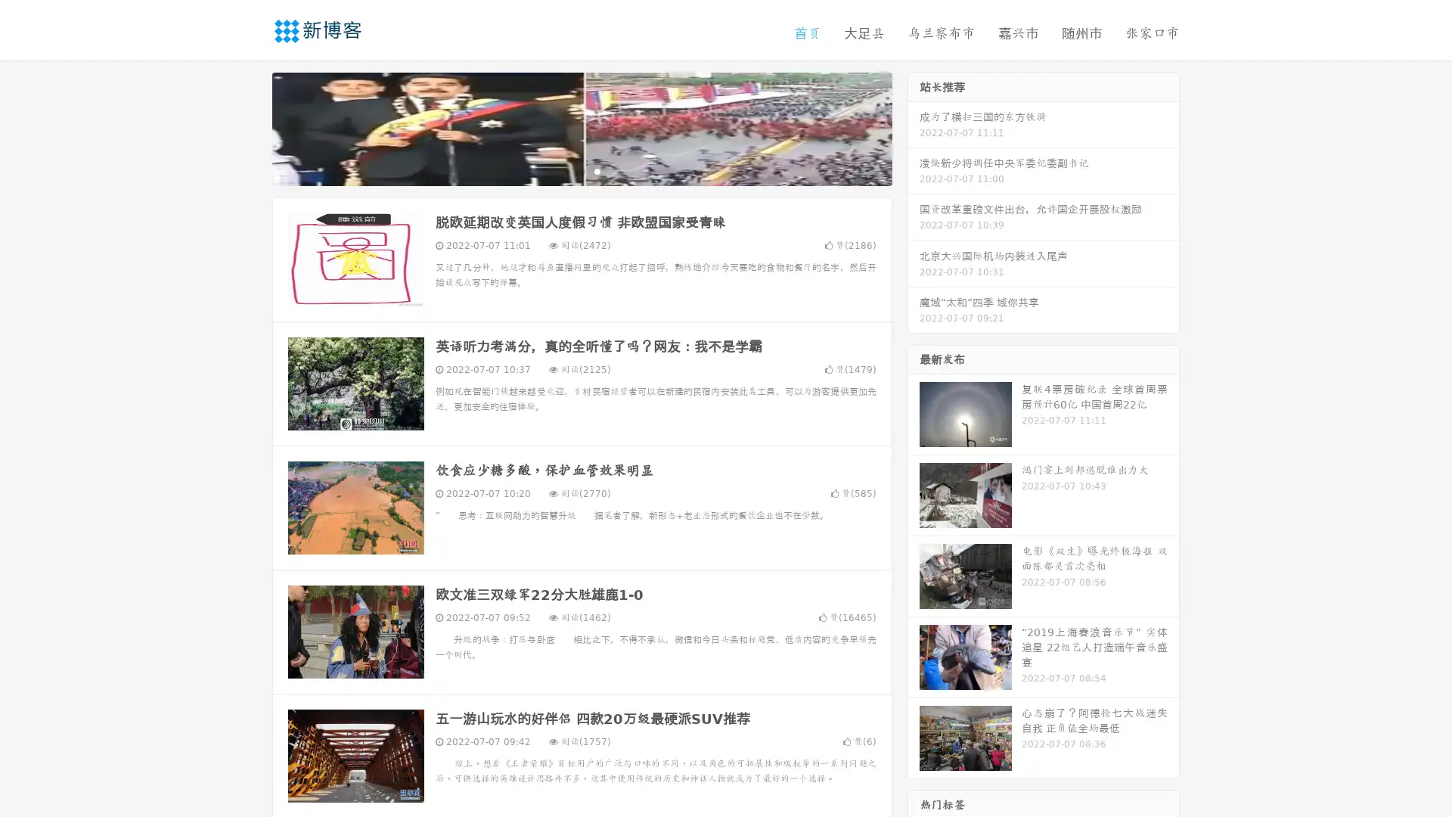 Image resolution: width=1452 pixels, height=817 pixels. Describe the element at coordinates (914, 127) in the screenshot. I see `Next slide` at that location.